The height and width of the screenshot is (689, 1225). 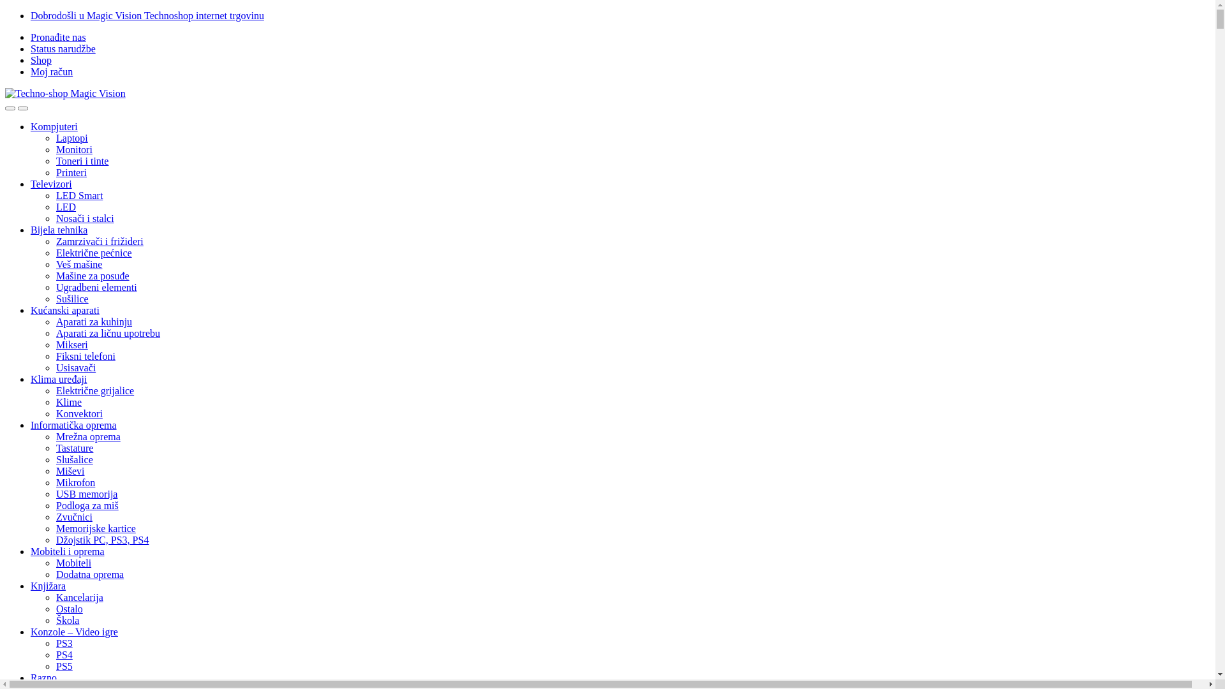 I want to click on 'Ostalo', so click(x=69, y=608).